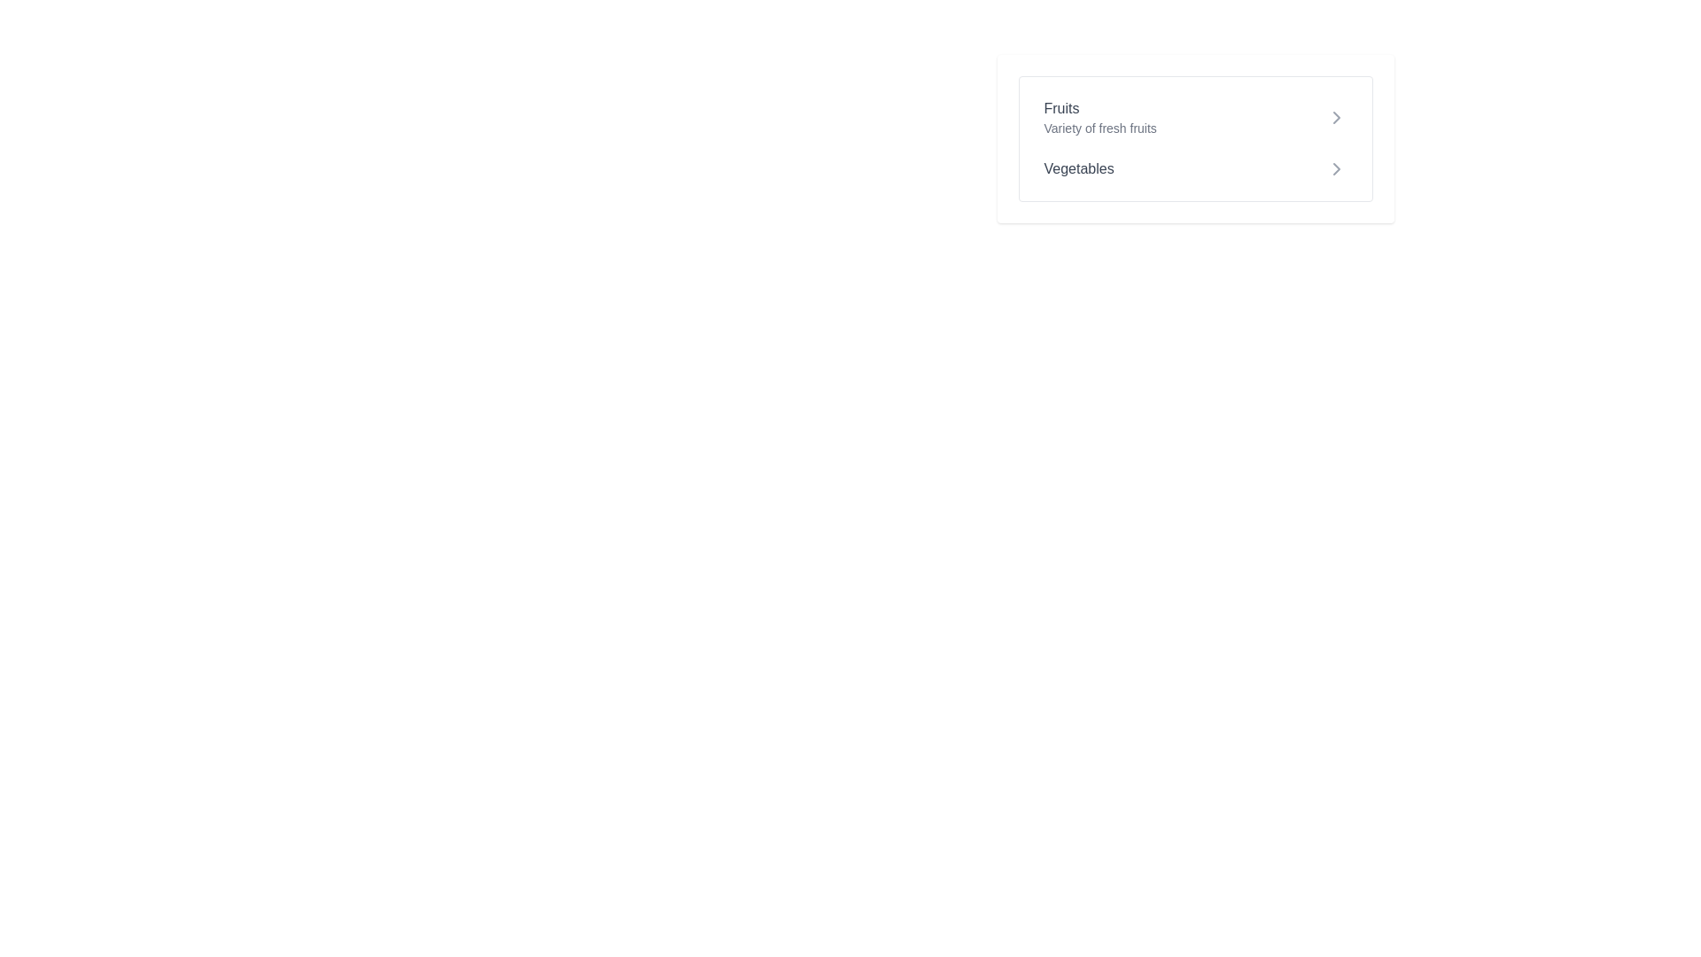 This screenshot has height=957, width=1701. Describe the element at coordinates (1336, 169) in the screenshot. I see `the right-pointing gray chevron icon located to the far right of the 'Vegetables' text in the second list item` at that location.